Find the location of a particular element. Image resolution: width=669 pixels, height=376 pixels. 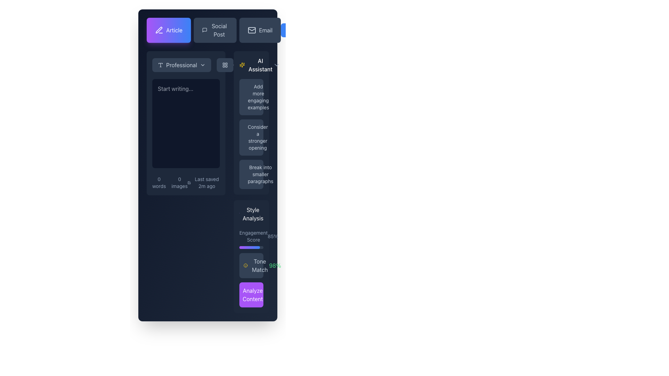

the envelope icon in the top navigation bar, which represents the email functionality, located between the 'Social Post' button and other navigation options is located at coordinates (252, 30).